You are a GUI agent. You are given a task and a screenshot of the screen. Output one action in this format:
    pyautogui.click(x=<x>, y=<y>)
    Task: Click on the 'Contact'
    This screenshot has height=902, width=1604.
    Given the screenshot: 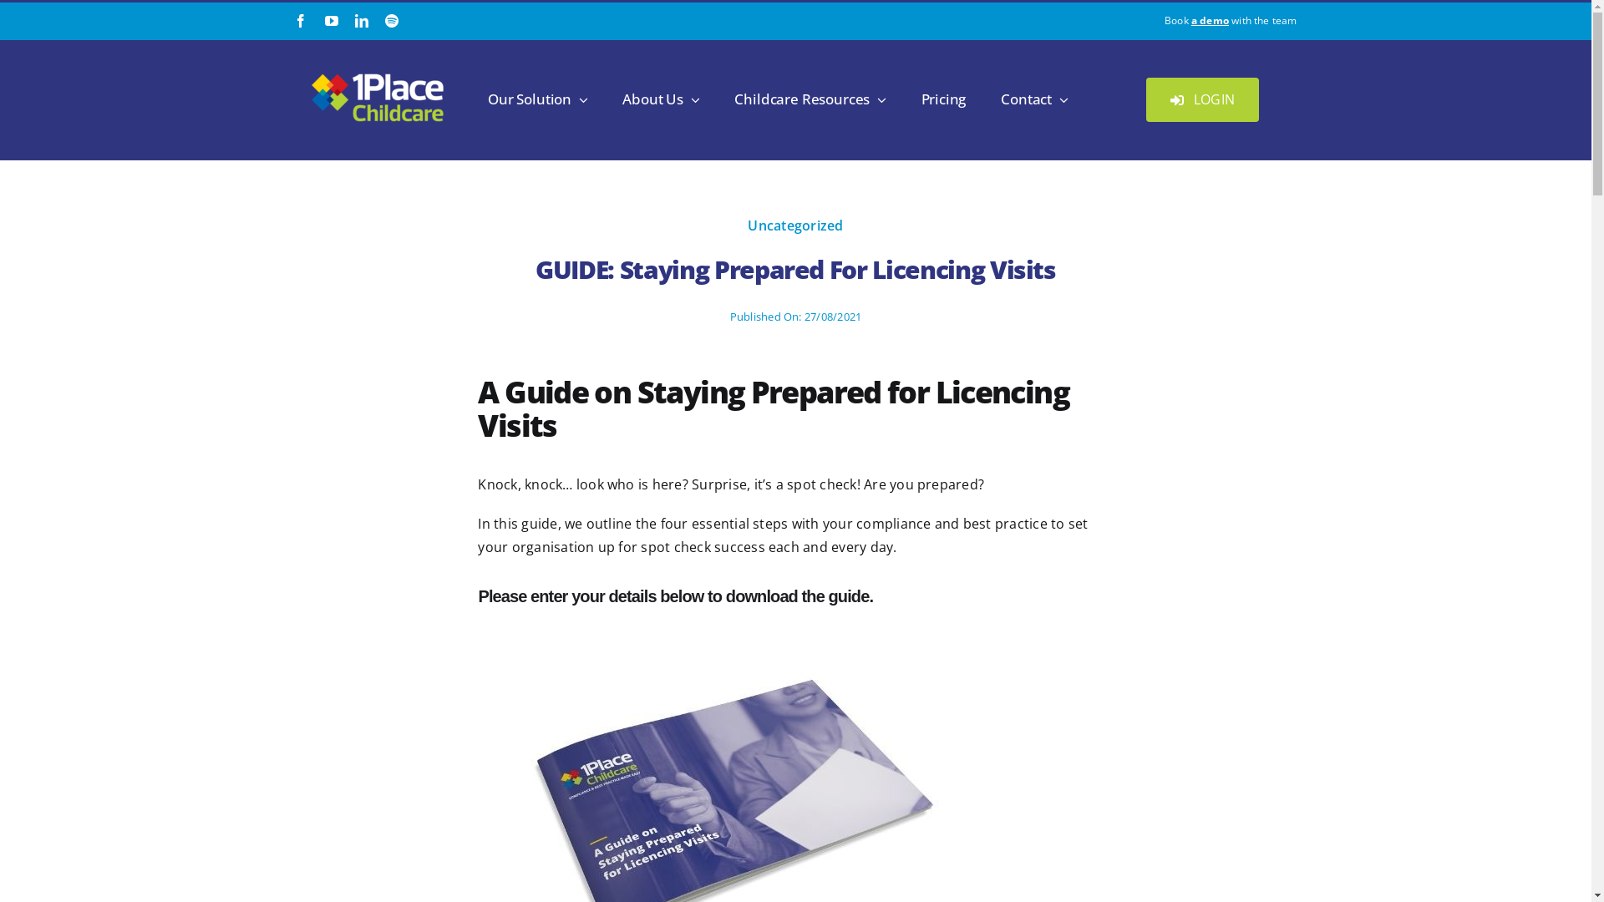 What is the action you would take?
    pyautogui.click(x=1033, y=99)
    